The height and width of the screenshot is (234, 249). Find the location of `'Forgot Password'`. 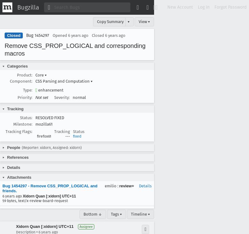

'Forgot Password' is located at coordinates (230, 7).